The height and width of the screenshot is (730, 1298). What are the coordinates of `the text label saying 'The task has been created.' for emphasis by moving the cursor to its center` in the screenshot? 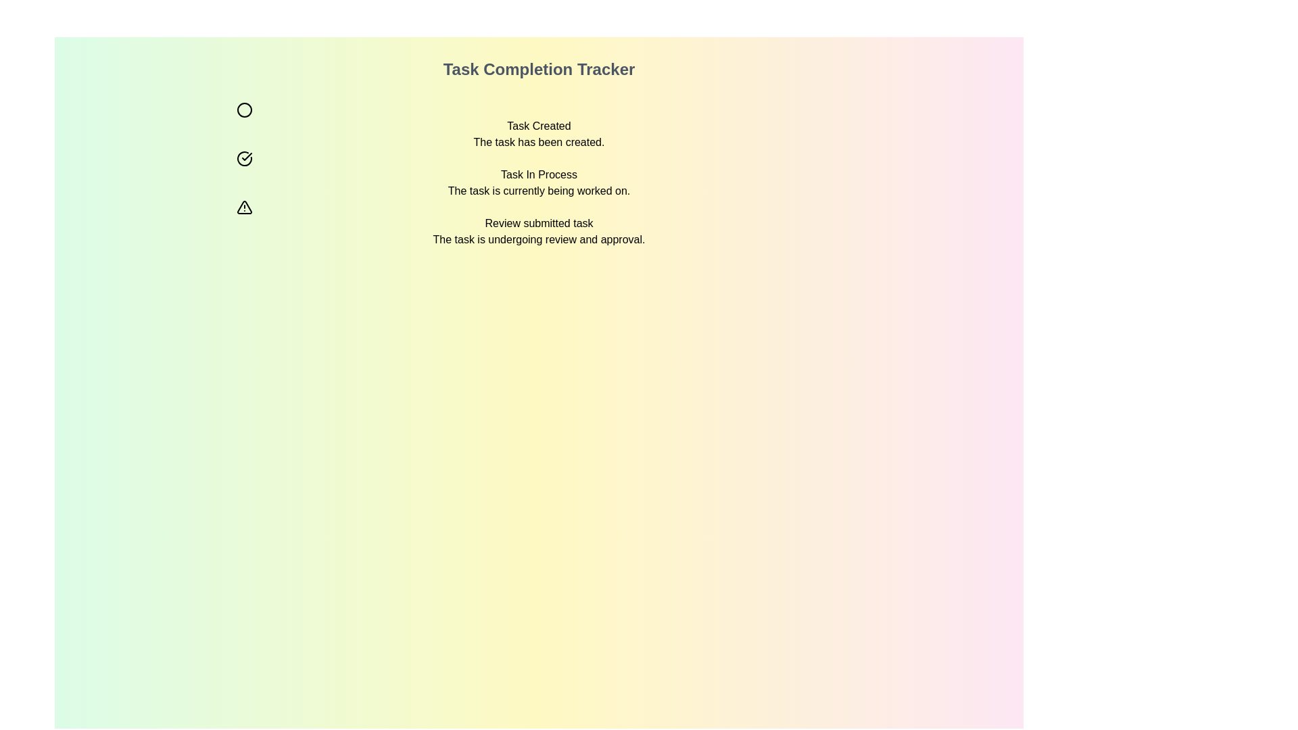 It's located at (538, 143).